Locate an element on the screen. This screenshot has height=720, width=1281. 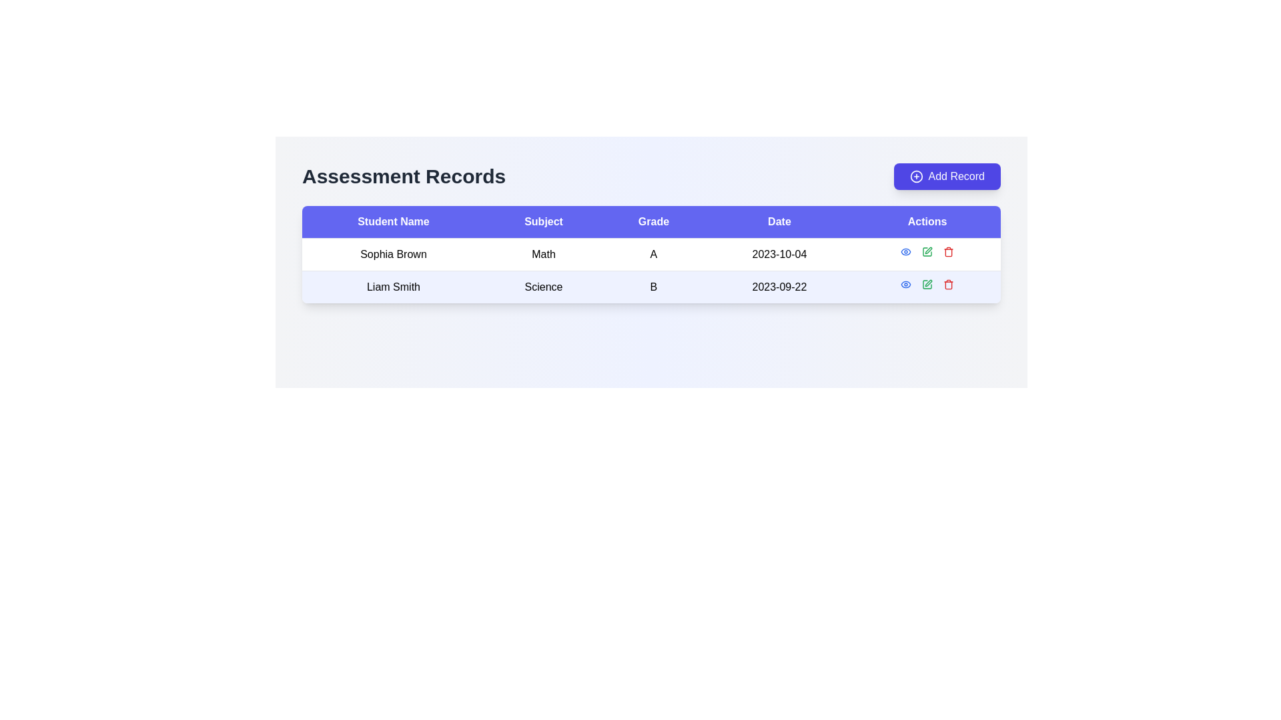
the 'Grade' label, which is a blue rectangular section with white text, located as the third item in a horizontal list of tabs between 'Subject' and 'Date' is located at coordinates (653, 221).